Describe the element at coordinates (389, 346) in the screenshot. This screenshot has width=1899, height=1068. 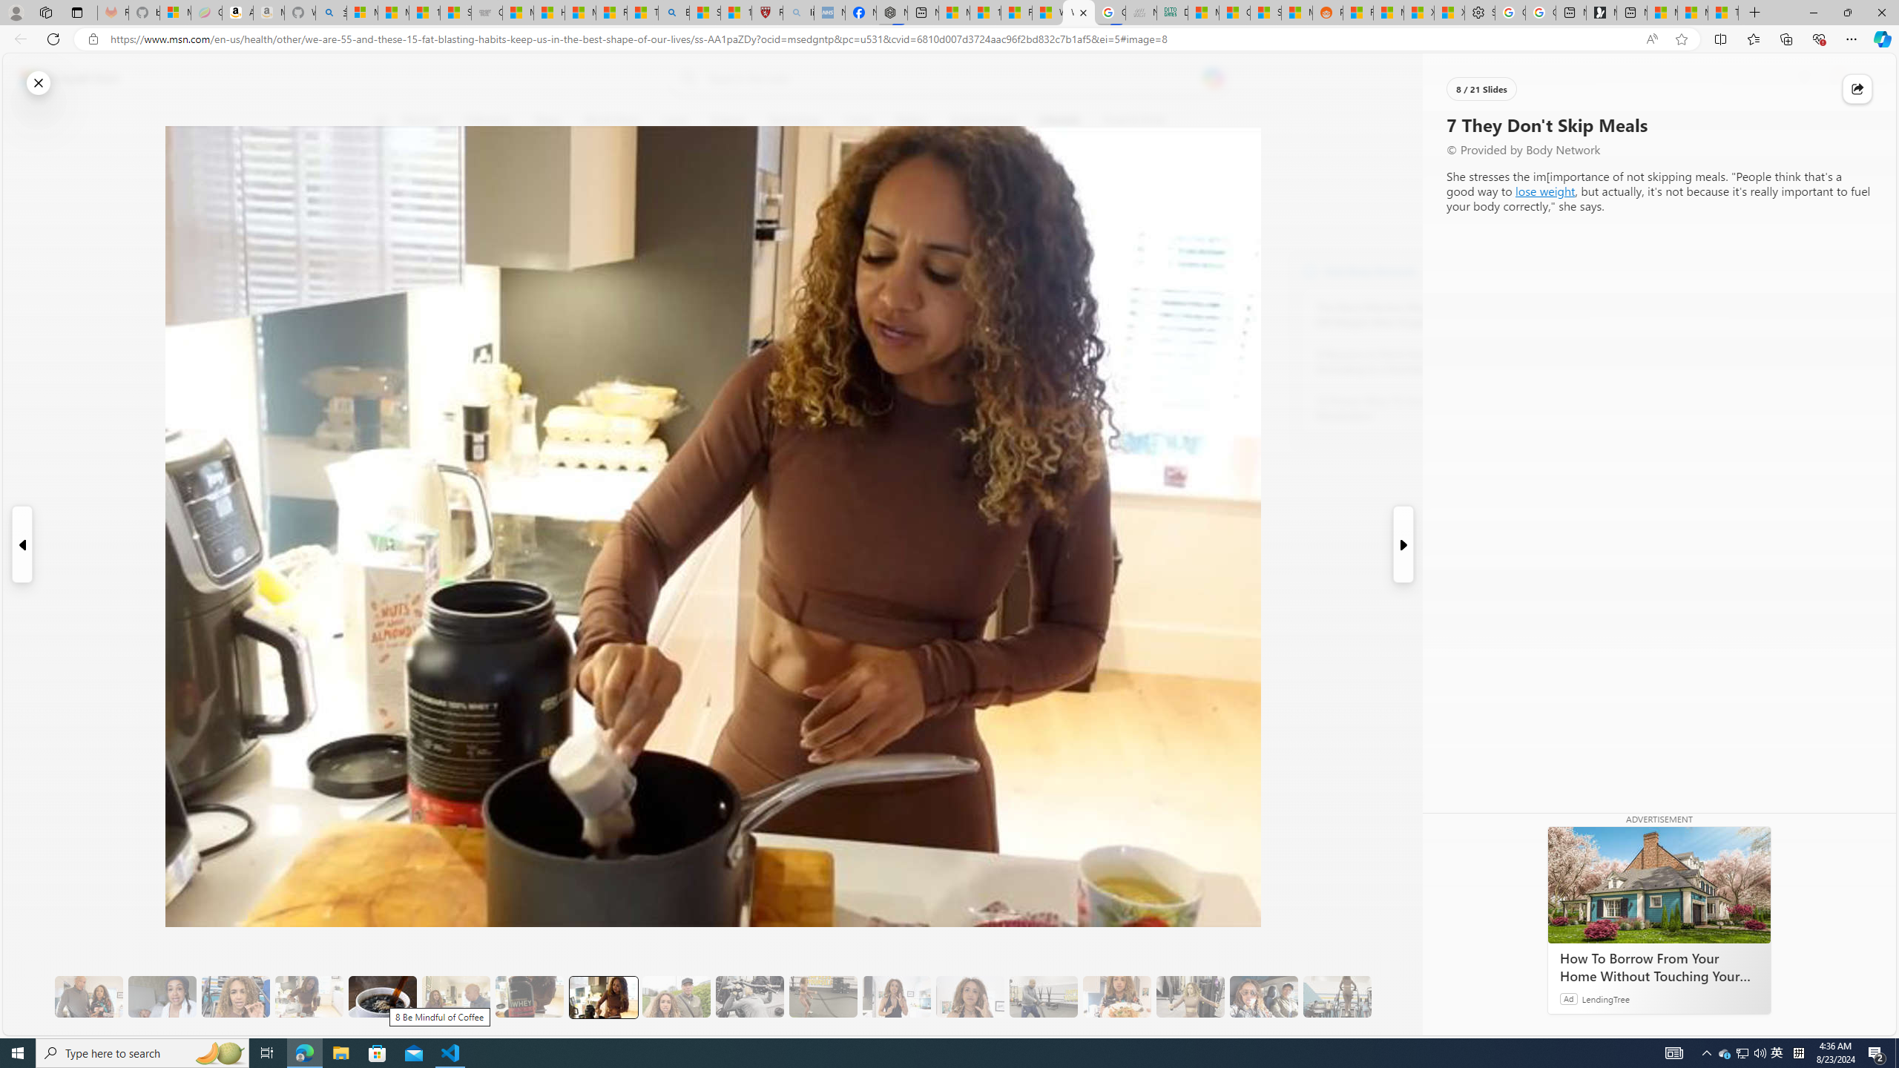
I see `'Class: at-item'` at that location.